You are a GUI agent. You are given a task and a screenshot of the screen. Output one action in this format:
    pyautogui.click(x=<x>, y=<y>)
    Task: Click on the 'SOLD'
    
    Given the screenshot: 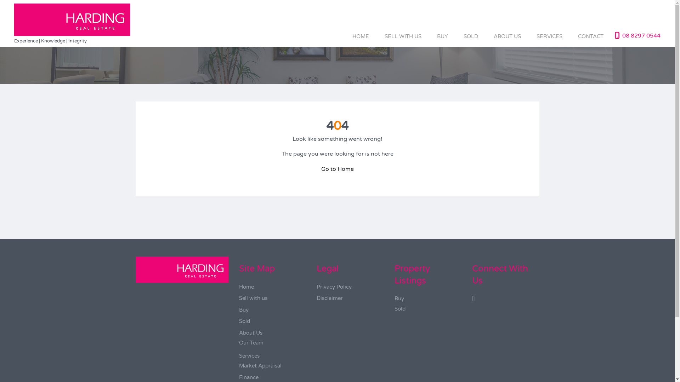 What is the action you would take?
    pyautogui.click(x=471, y=36)
    